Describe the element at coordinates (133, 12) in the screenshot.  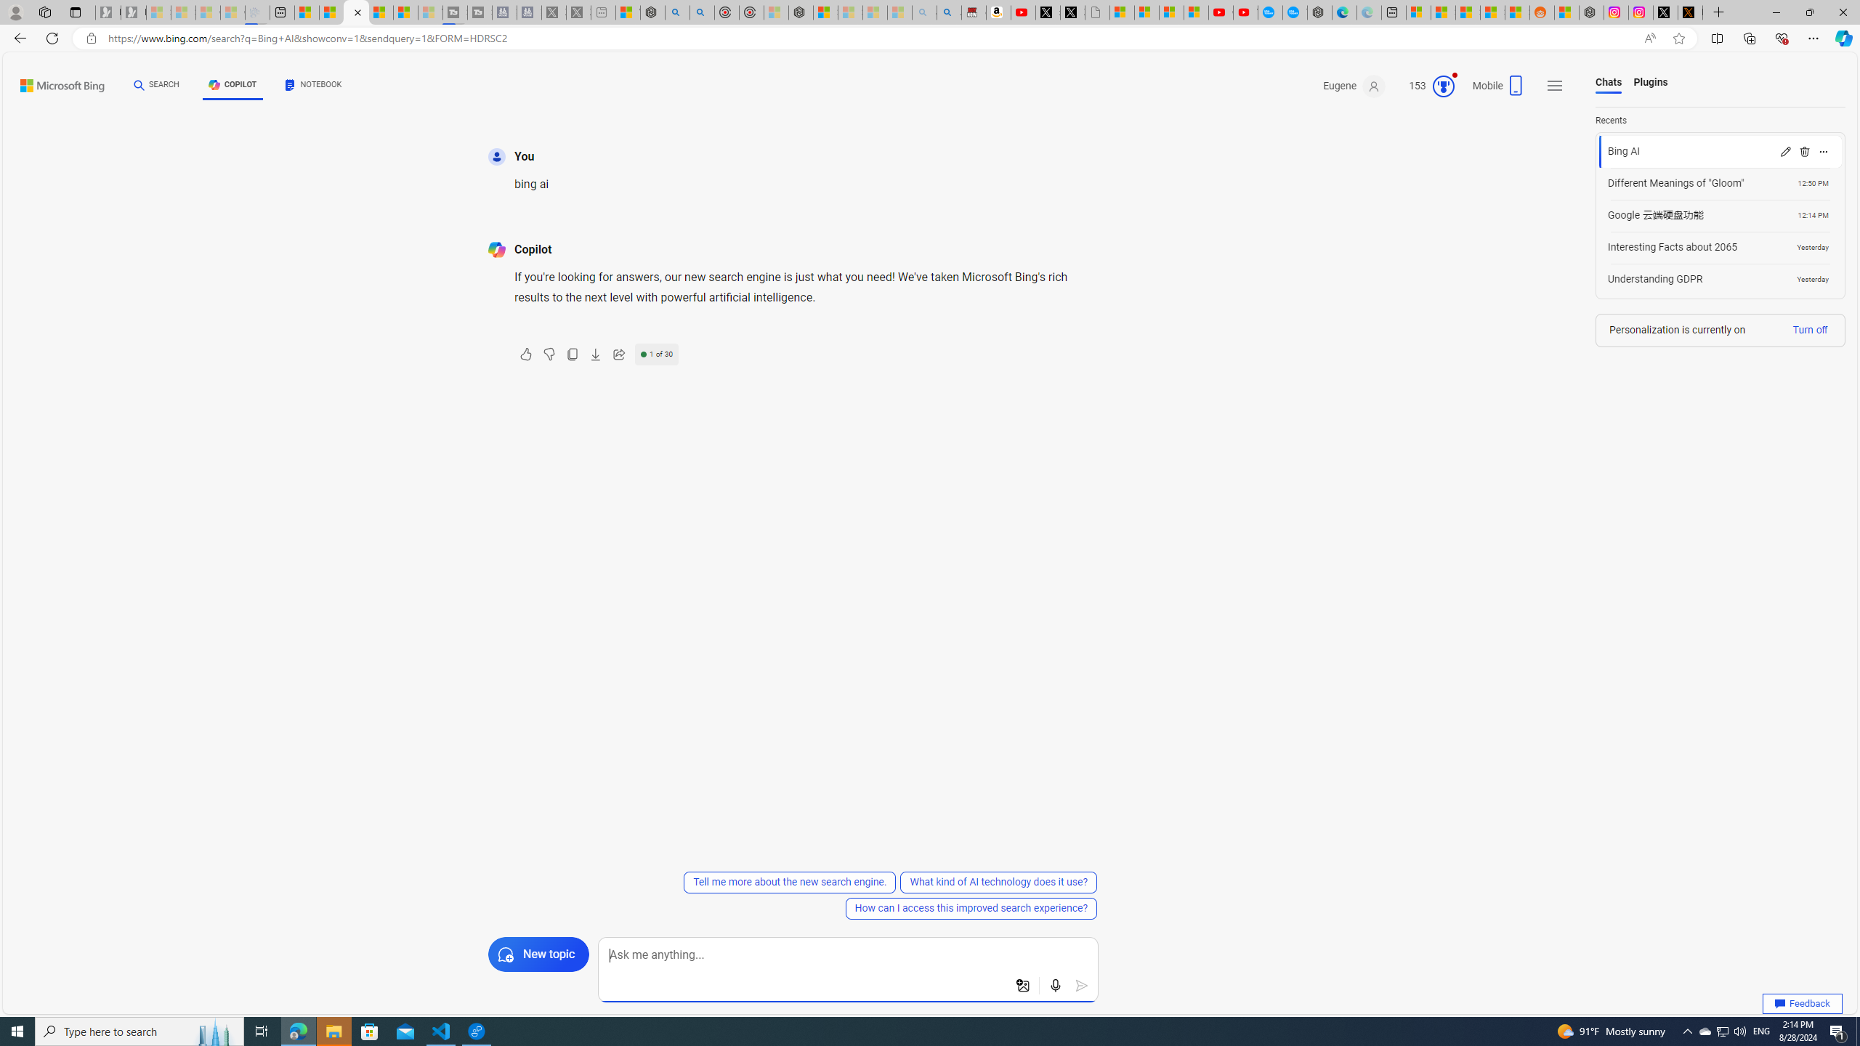
I see `'Newsletter Sign Up - Sleeping'` at that location.